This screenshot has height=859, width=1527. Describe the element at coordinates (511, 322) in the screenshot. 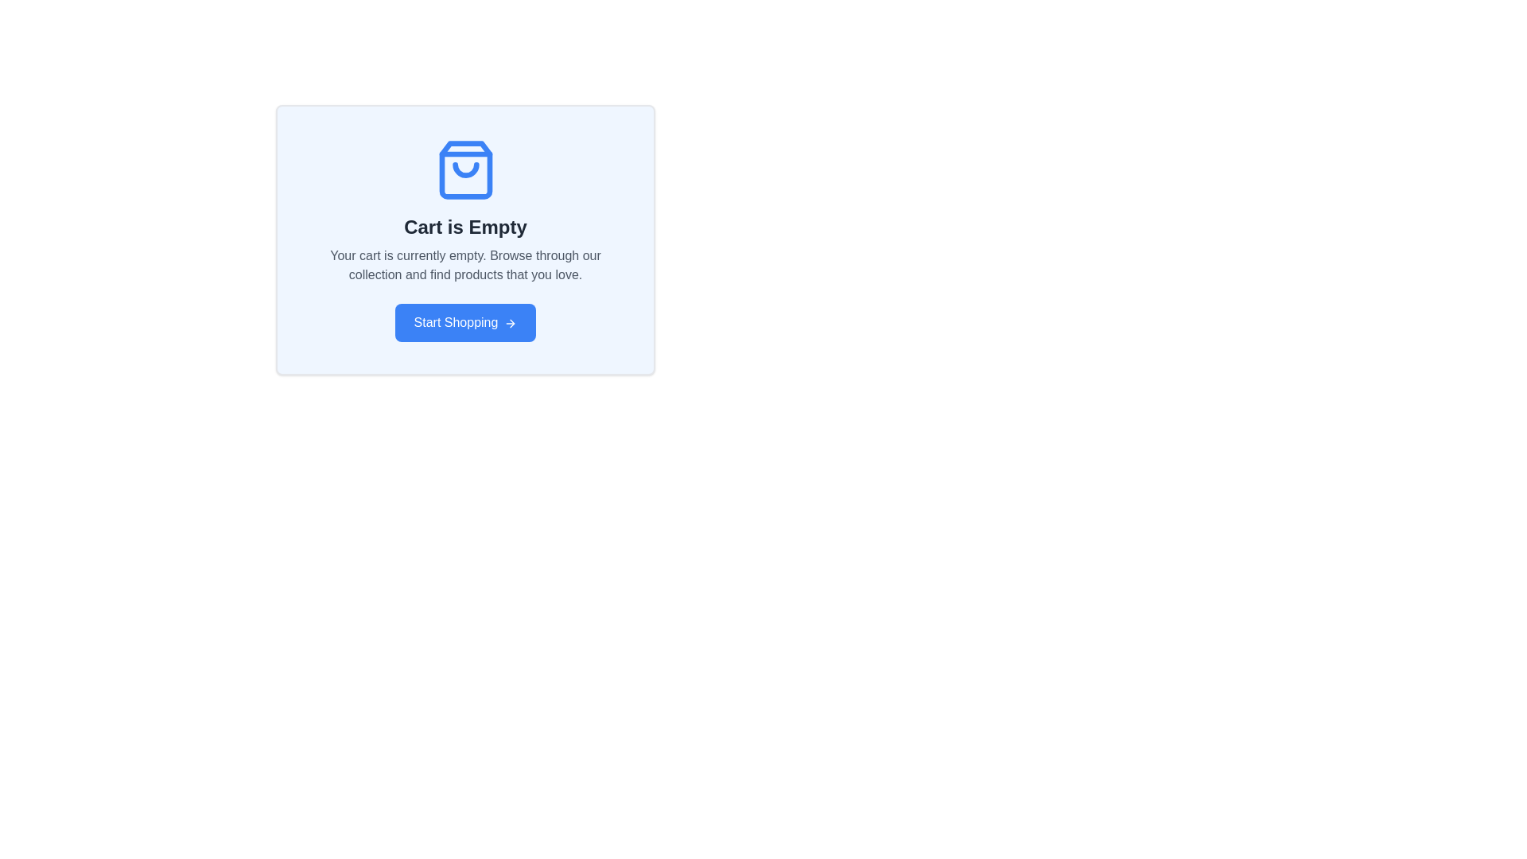

I see `the appearance of the forward direction icon located to the right of the text inside the 'Start Shopping' button at the bottom center of the 'Cart is Empty' card` at that location.